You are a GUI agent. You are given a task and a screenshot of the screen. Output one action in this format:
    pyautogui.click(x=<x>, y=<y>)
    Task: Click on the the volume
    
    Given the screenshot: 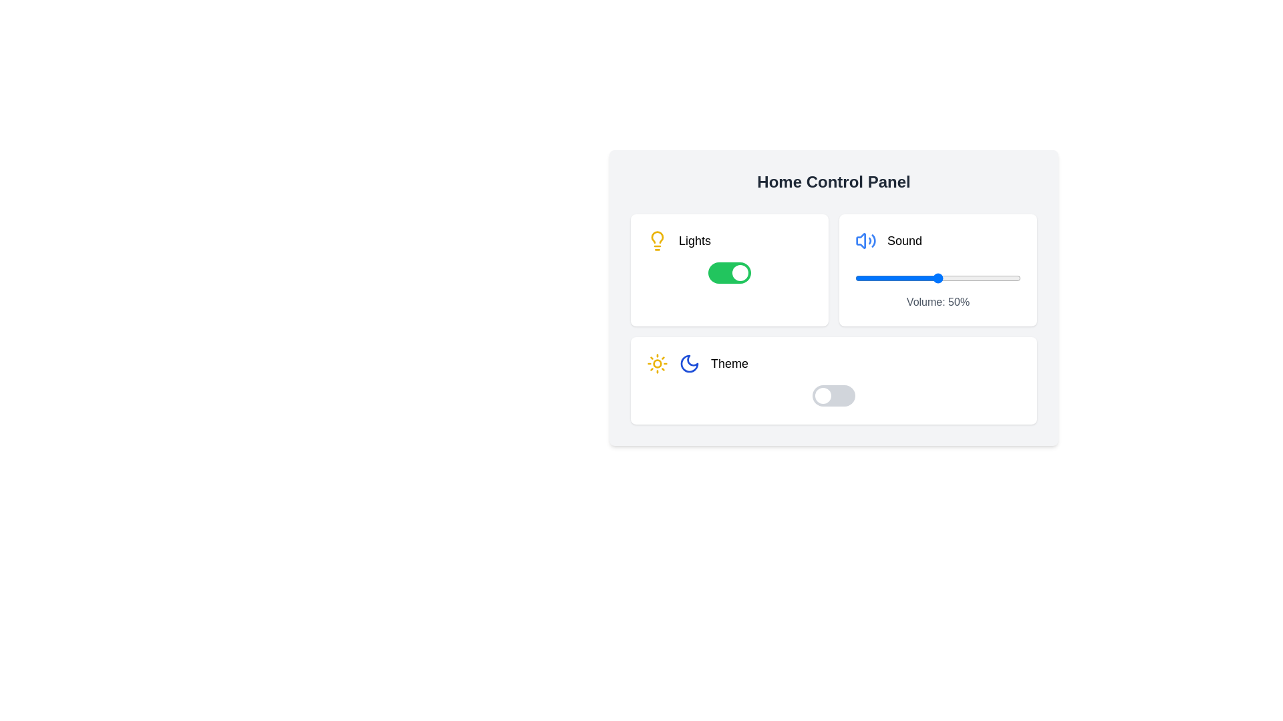 What is the action you would take?
    pyautogui.click(x=860, y=277)
    